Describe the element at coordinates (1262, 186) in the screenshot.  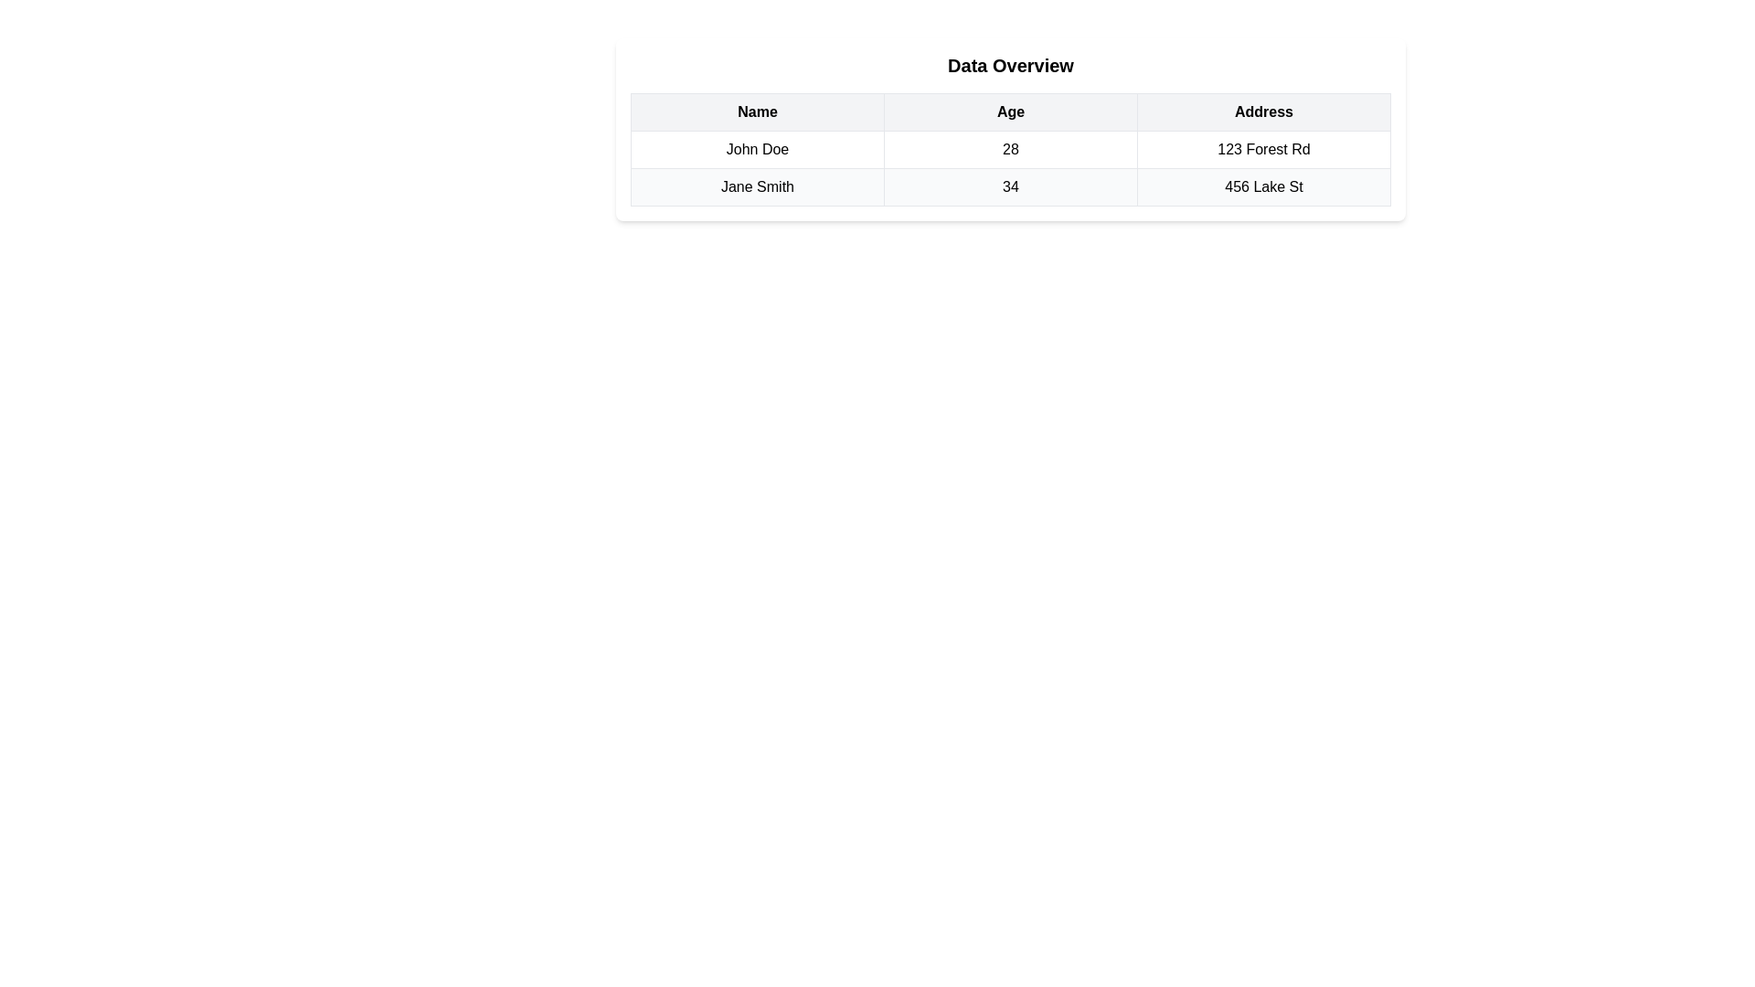
I see `the table cell displaying '456 Lake St'` at that location.